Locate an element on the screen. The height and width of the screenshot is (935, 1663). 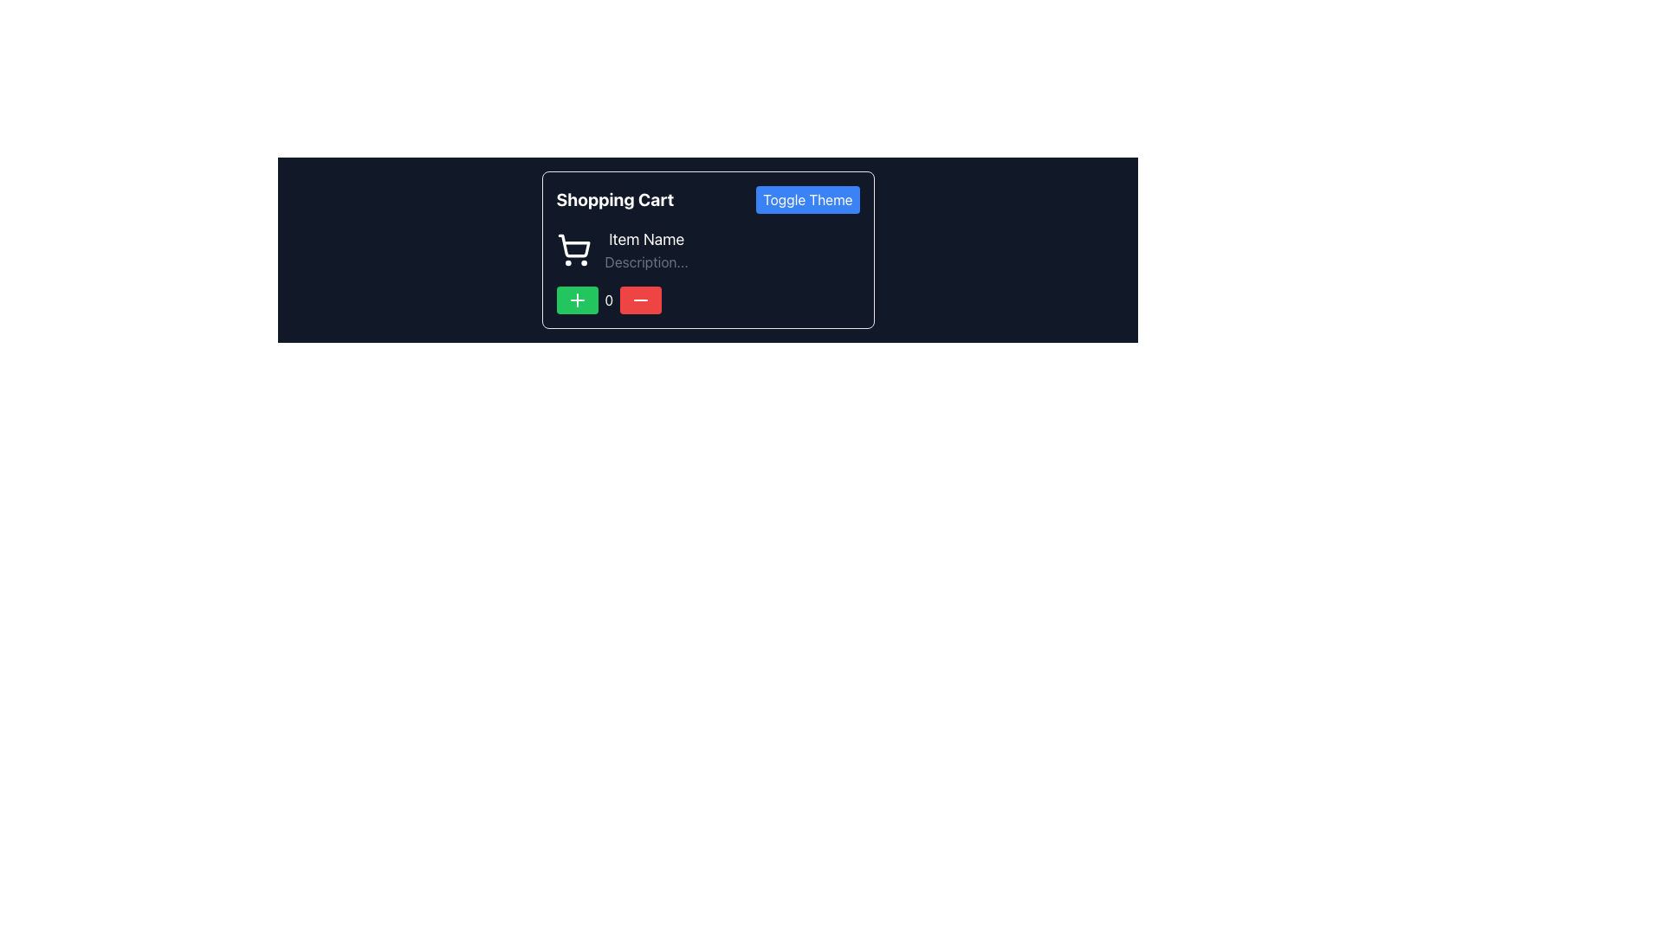
the text block displaying the name and description of an item within the 'Shopping Cart' section, located to the right of the shopping cart icon is located at coordinates (645, 250).